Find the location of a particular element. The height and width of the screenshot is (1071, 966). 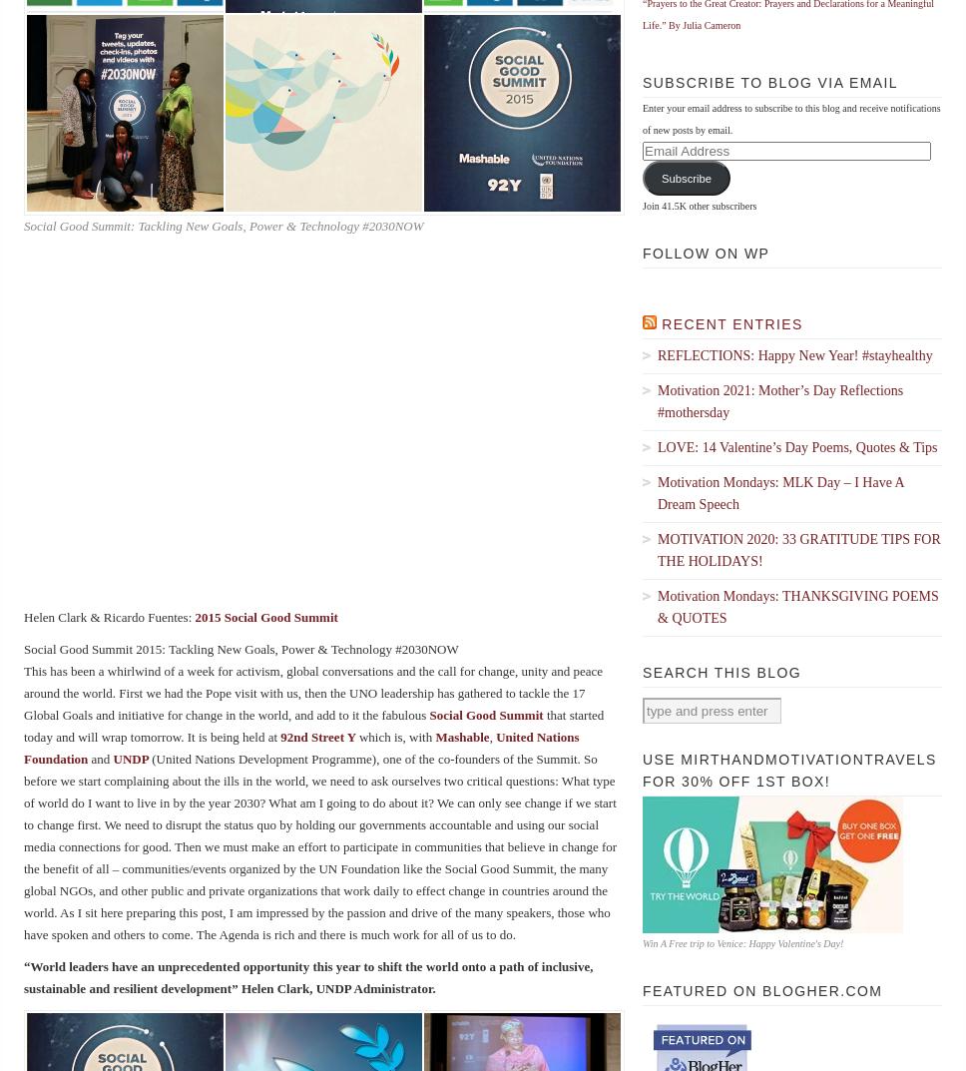

'MOTIVATION 2020: 33 GRATITUDE TIPS FOR THE HOLIDAYS!' is located at coordinates (658, 550).